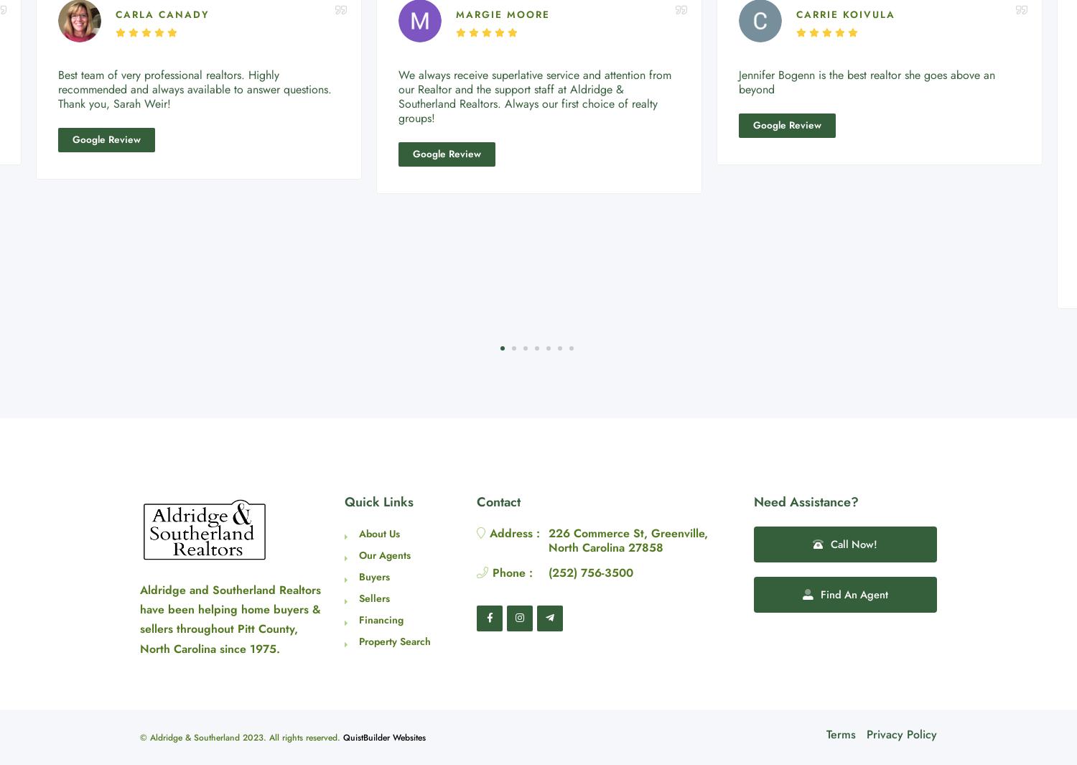 The width and height of the screenshot is (1077, 765). What do you see at coordinates (374, 597) in the screenshot?
I see `'Sellers'` at bounding box center [374, 597].